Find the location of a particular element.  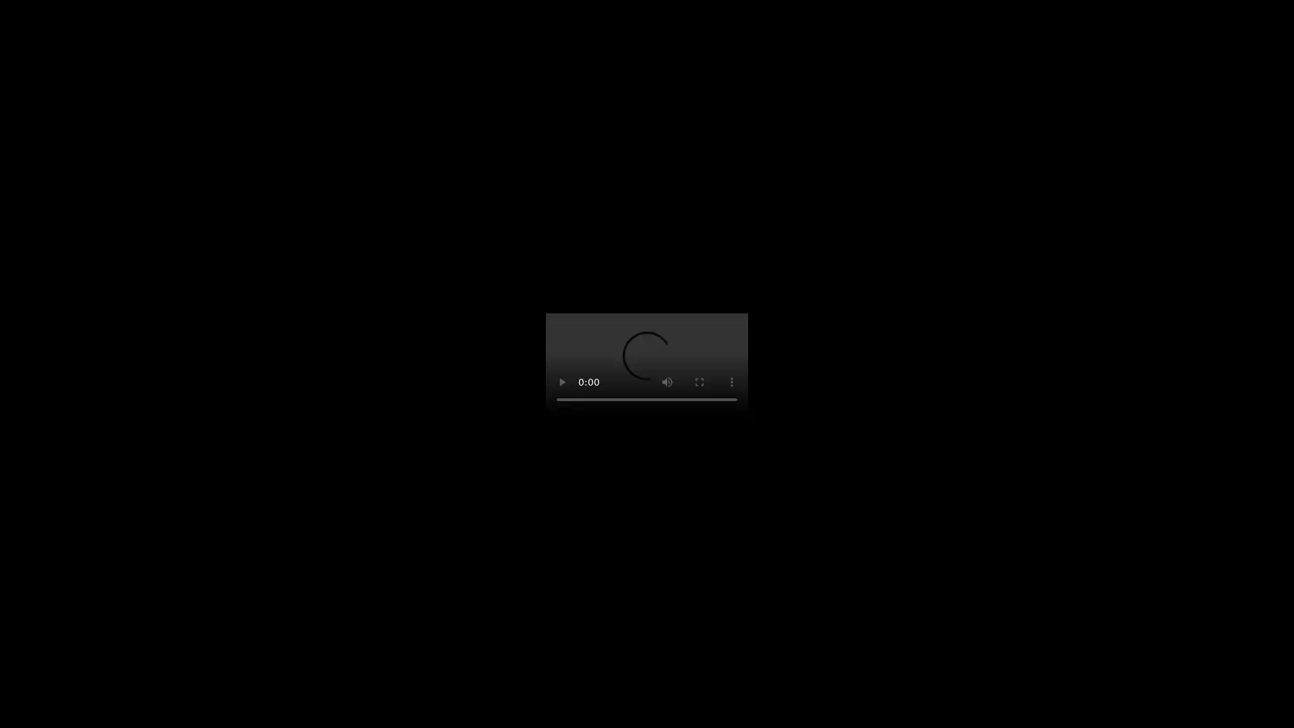

show more media controls is located at coordinates (731, 382).